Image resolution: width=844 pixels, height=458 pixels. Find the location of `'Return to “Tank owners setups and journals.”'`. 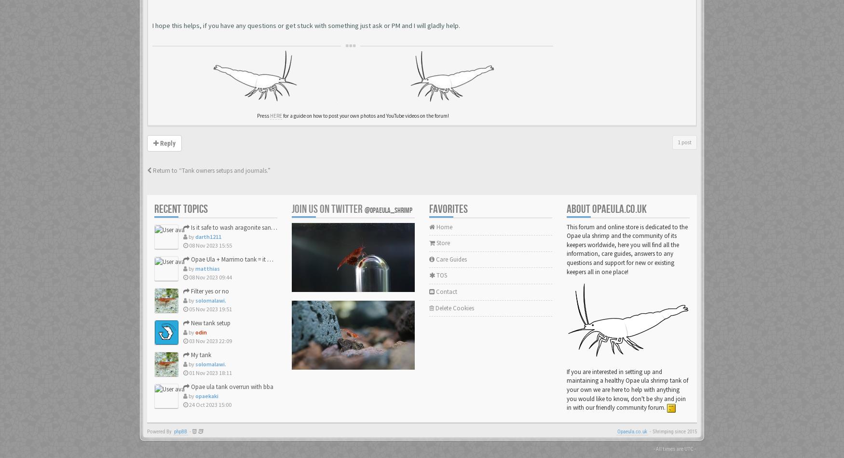

'Return to “Tank owners setups and journals.”' is located at coordinates (210, 170).